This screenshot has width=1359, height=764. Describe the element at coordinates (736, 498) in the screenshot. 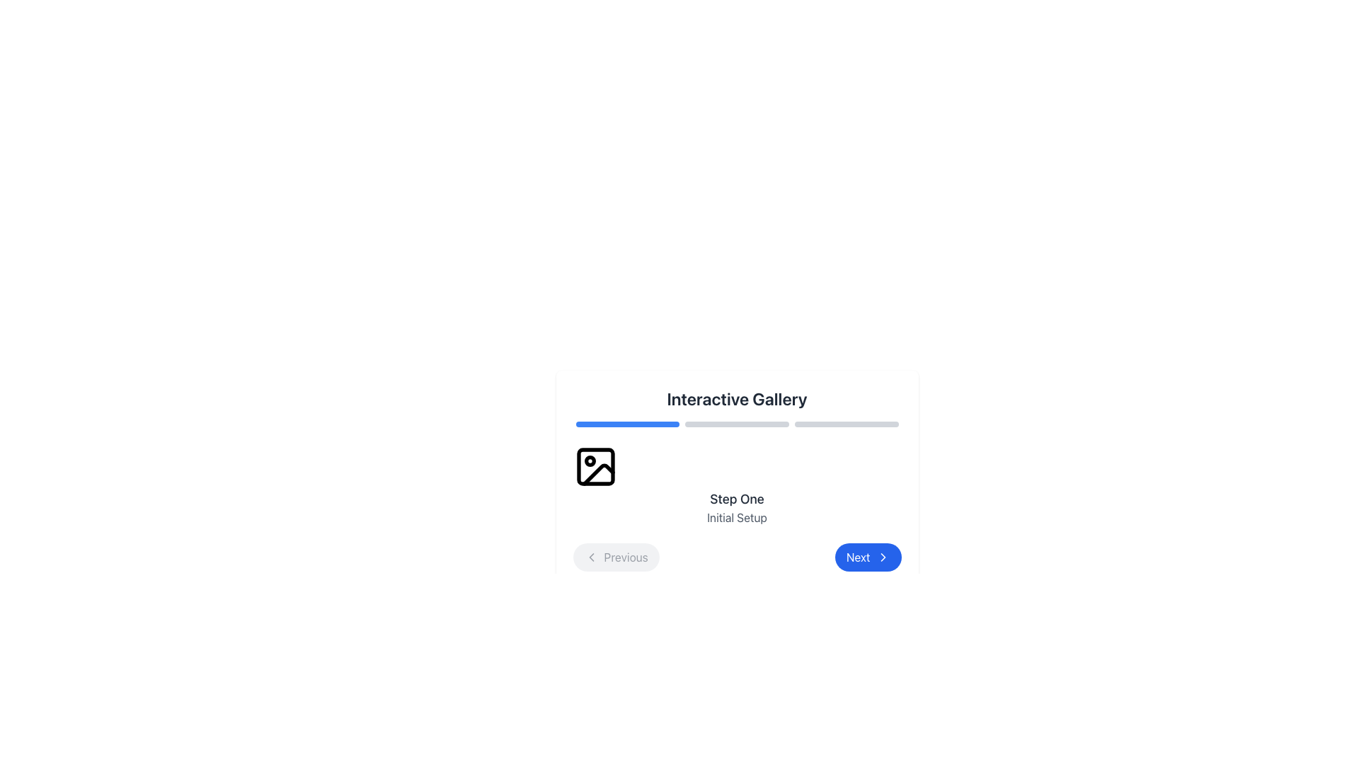

I see `the Static Text element displaying 'Step One', which is styled in medium-sized, bold, gray font and is located beneath an icon and above the text 'Initial Setup'` at that location.